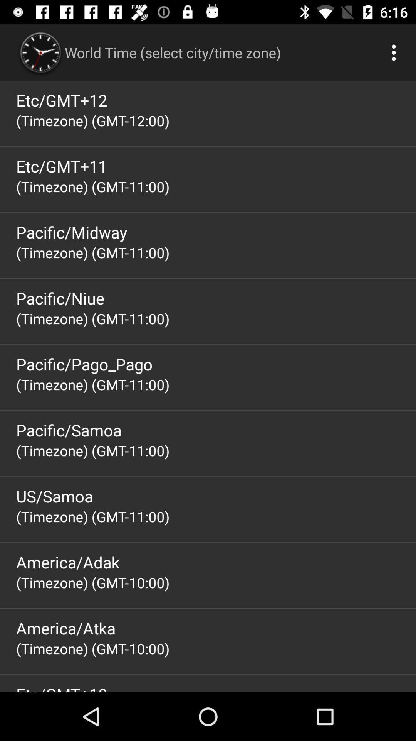 The image size is (416, 741). Describe the element at coordinates (396, 52) in the screenshot. I see `the item to the right of the world time select item` at that location.